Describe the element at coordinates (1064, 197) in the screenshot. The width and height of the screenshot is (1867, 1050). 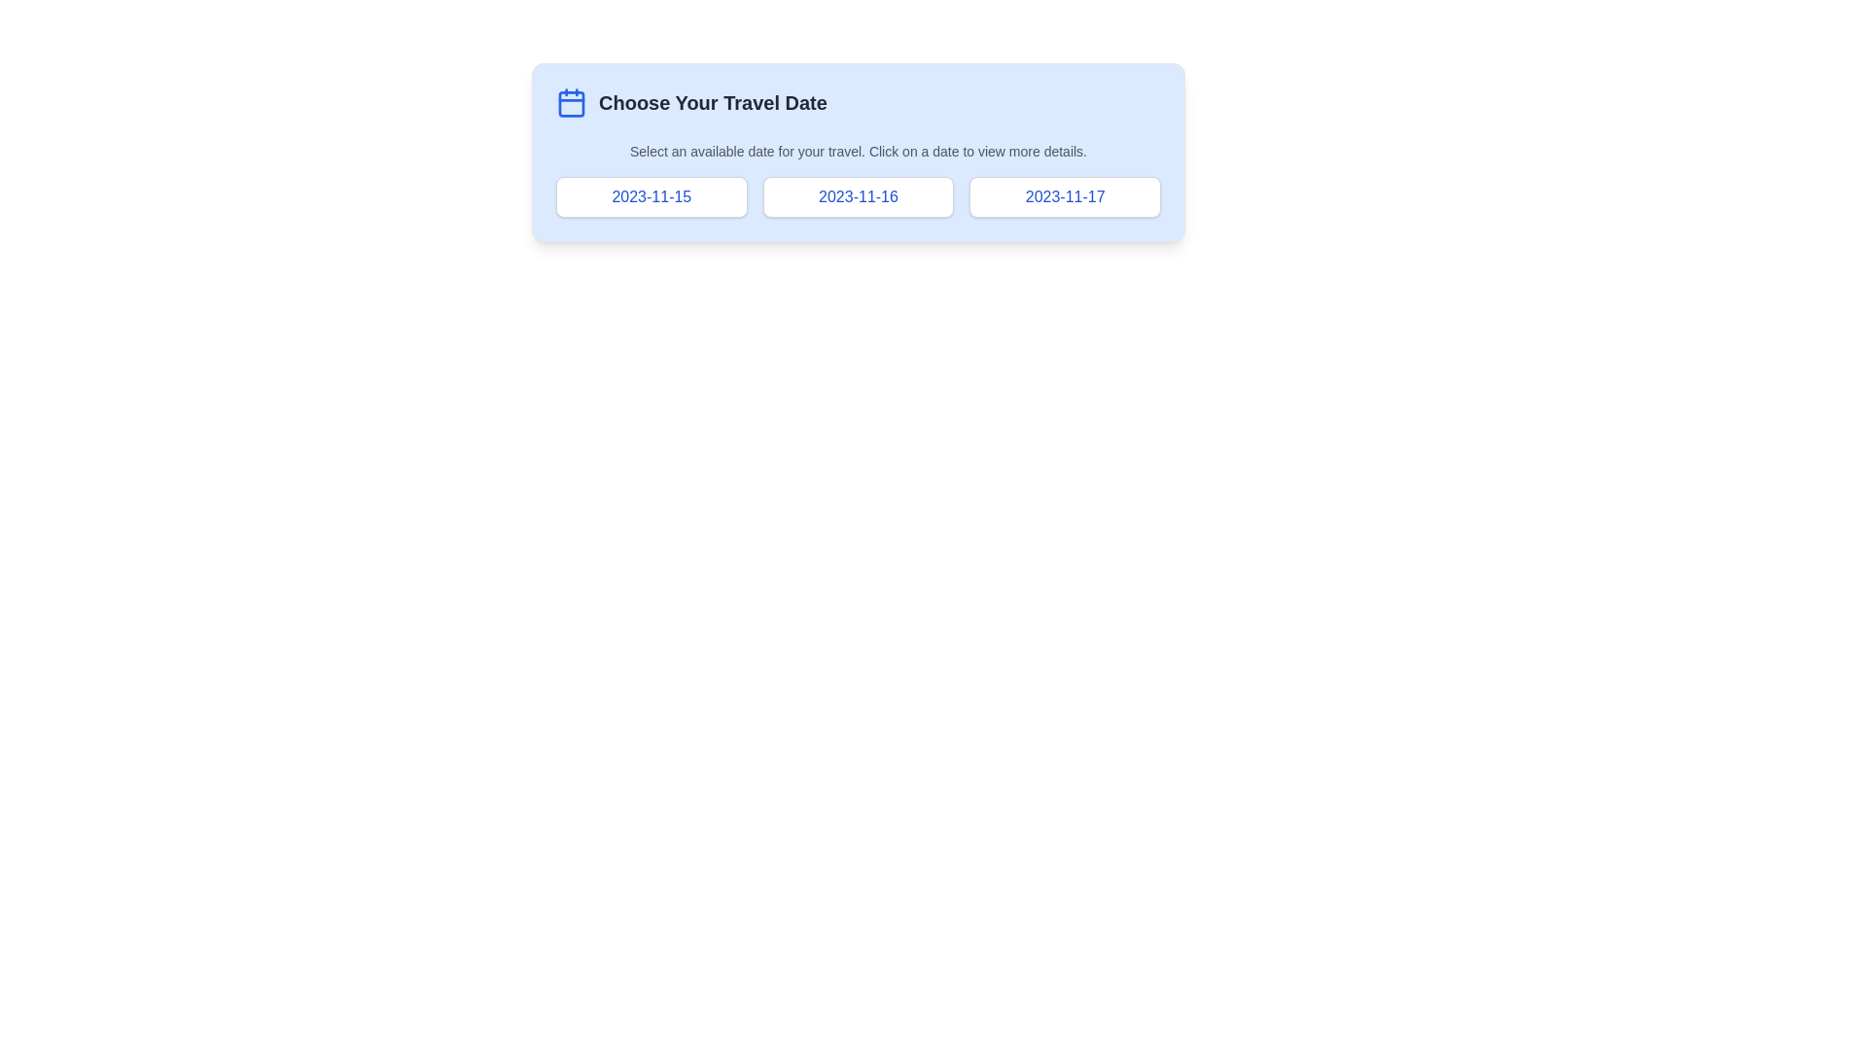
I see `the button labeled '2023-11-17'` at that location.